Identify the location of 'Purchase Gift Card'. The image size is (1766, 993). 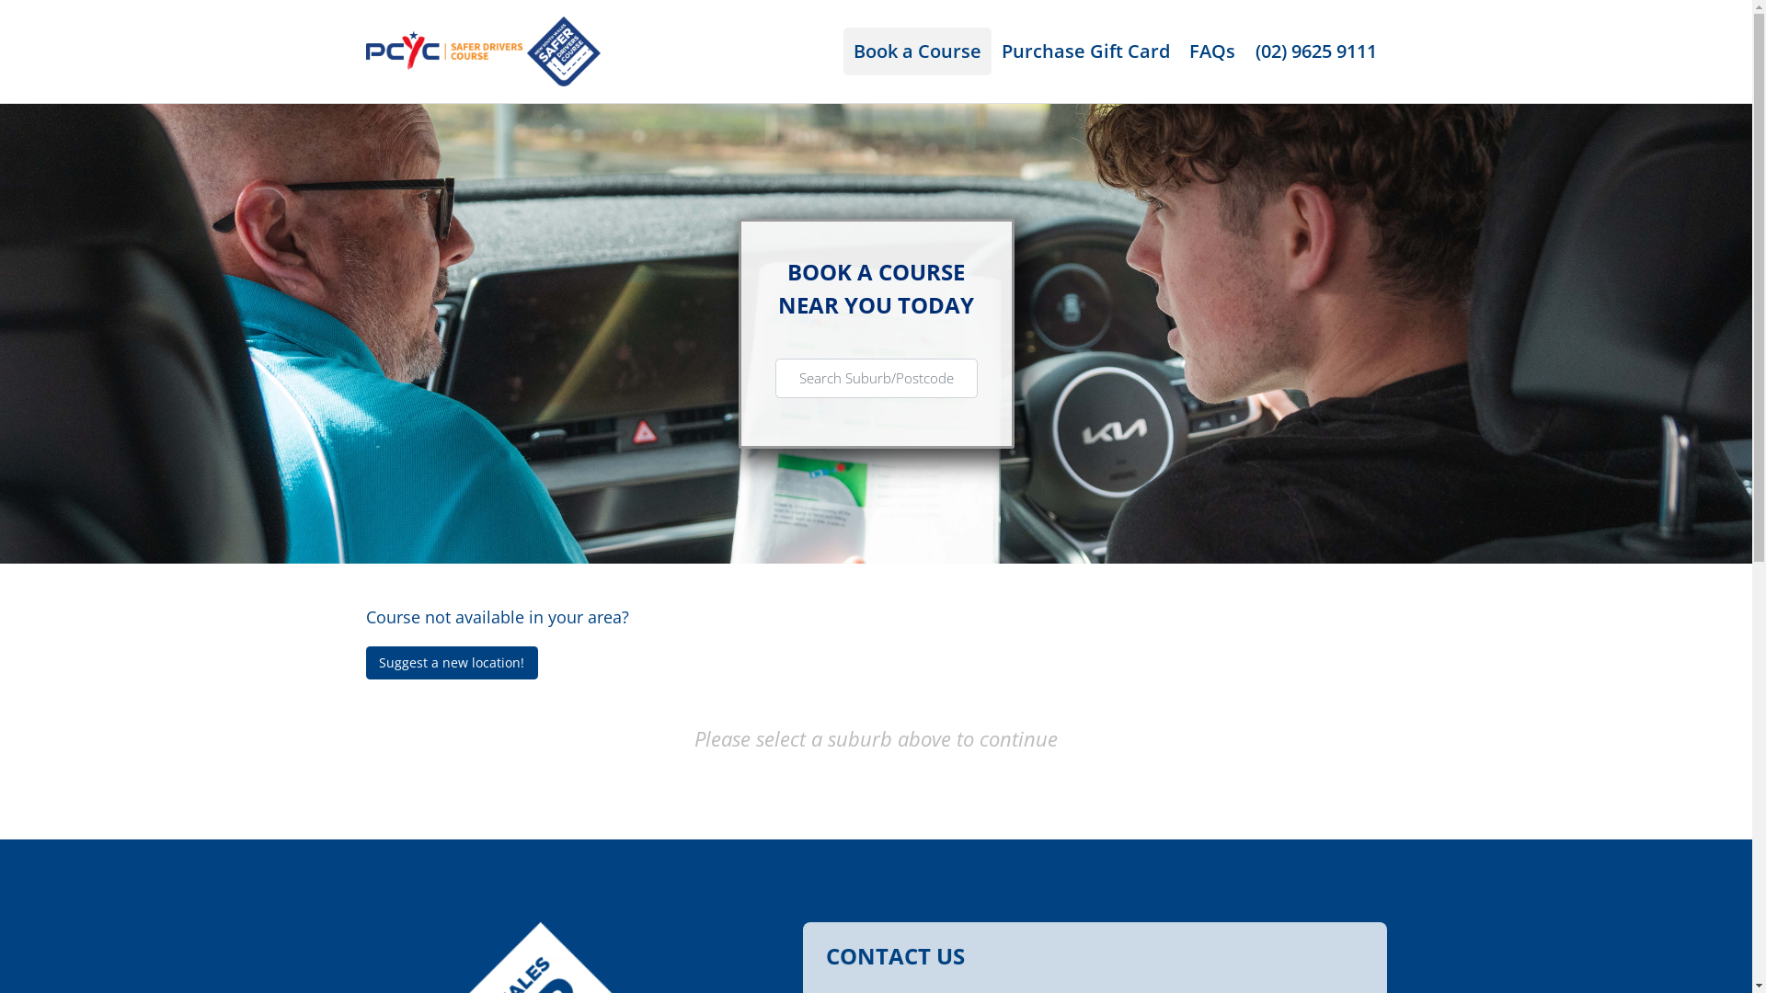
(1085, 51).